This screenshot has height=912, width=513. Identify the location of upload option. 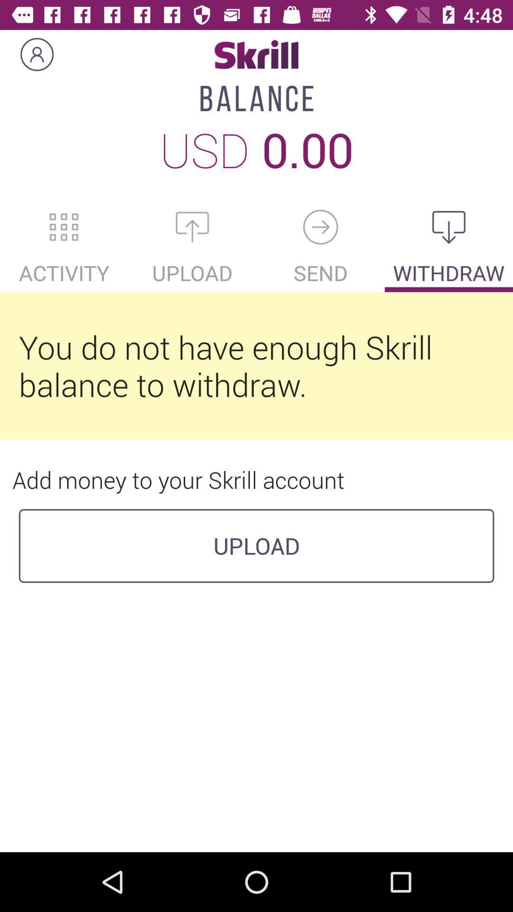
(192, 227).